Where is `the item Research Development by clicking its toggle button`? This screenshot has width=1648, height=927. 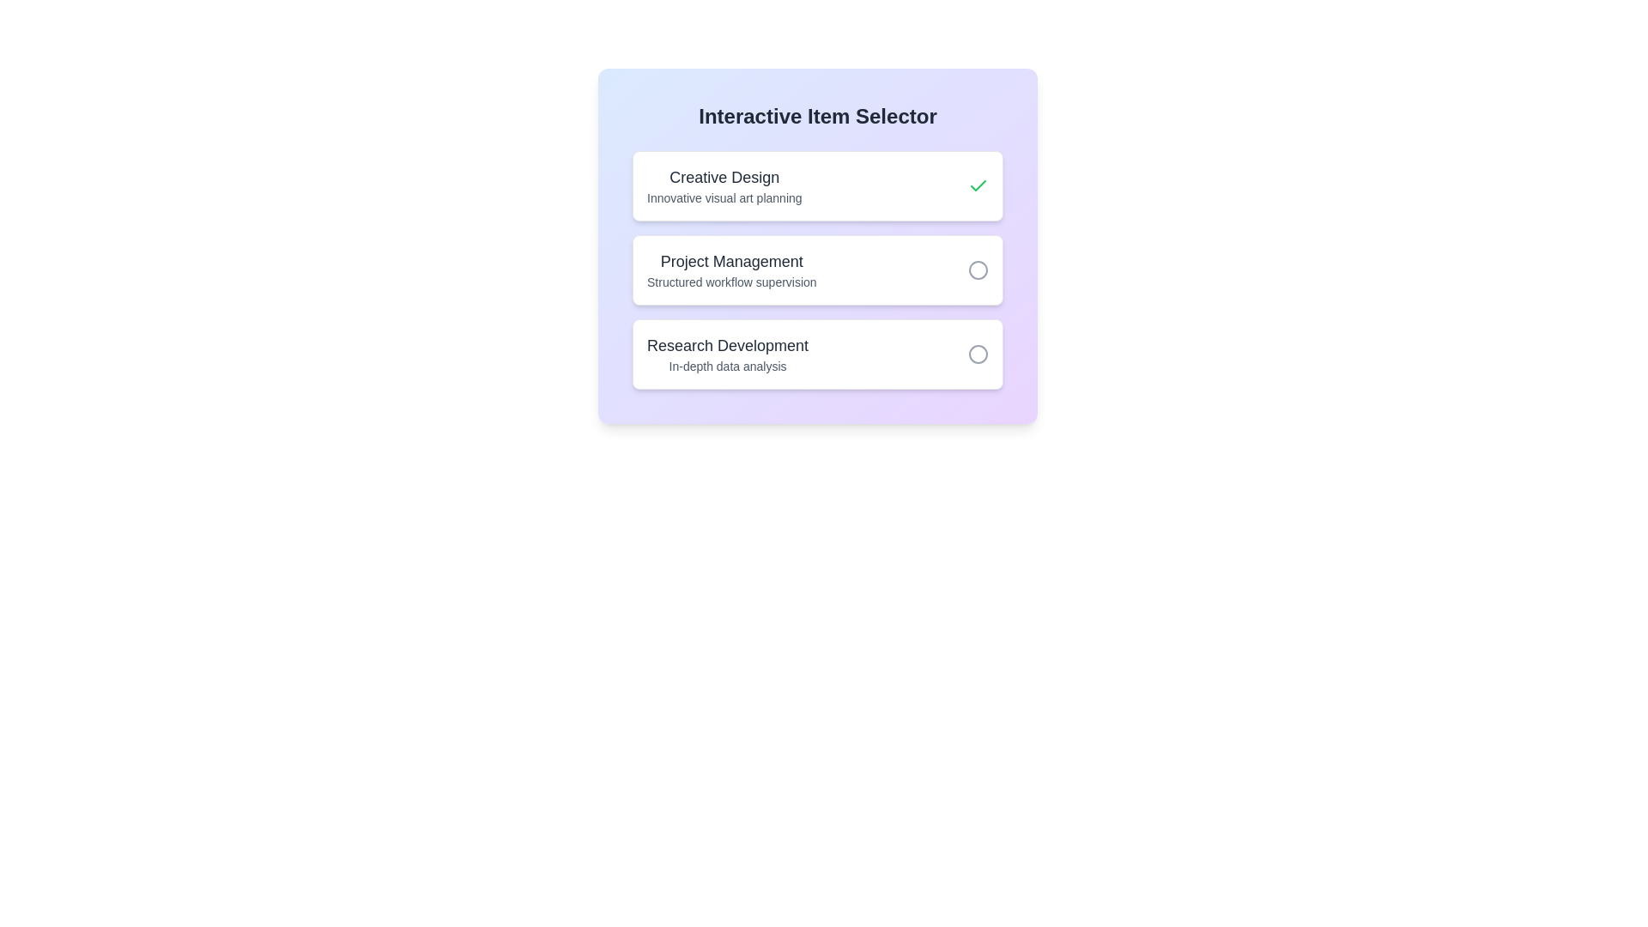 the item Research Development by clicking its toggle button is located at coordinates (978, 353).